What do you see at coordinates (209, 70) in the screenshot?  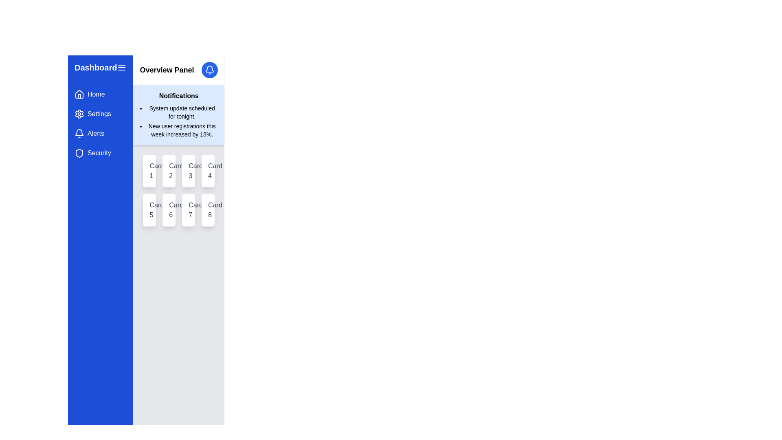 I see `the circular blue button with a white bell icon located in the 'Overview Panel' section` at bounding box center [209, 70].